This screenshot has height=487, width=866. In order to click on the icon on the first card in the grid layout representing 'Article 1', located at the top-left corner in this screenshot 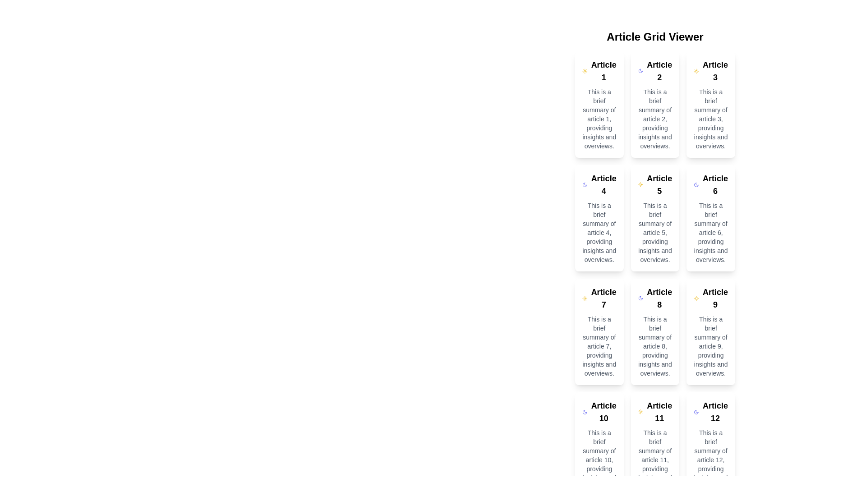, I will do `click(599, 104)`.